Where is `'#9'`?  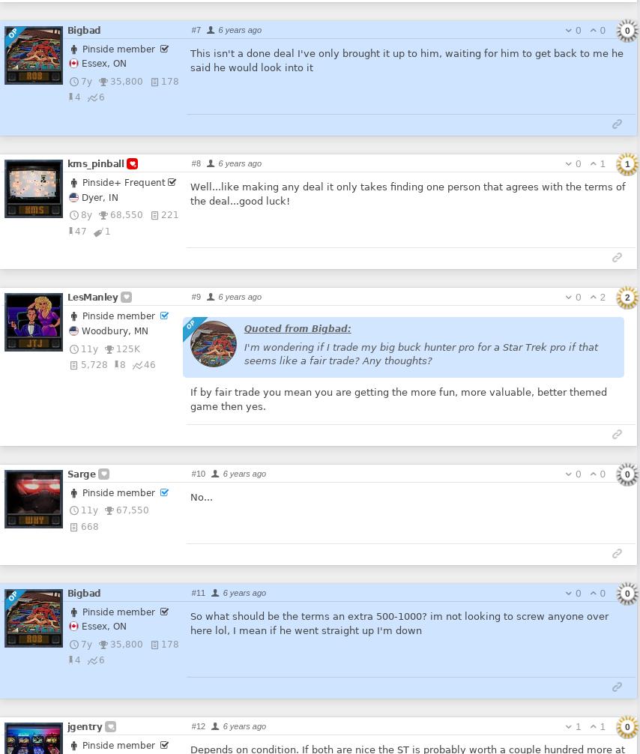
'#9' is located at coordinates (195, 295).